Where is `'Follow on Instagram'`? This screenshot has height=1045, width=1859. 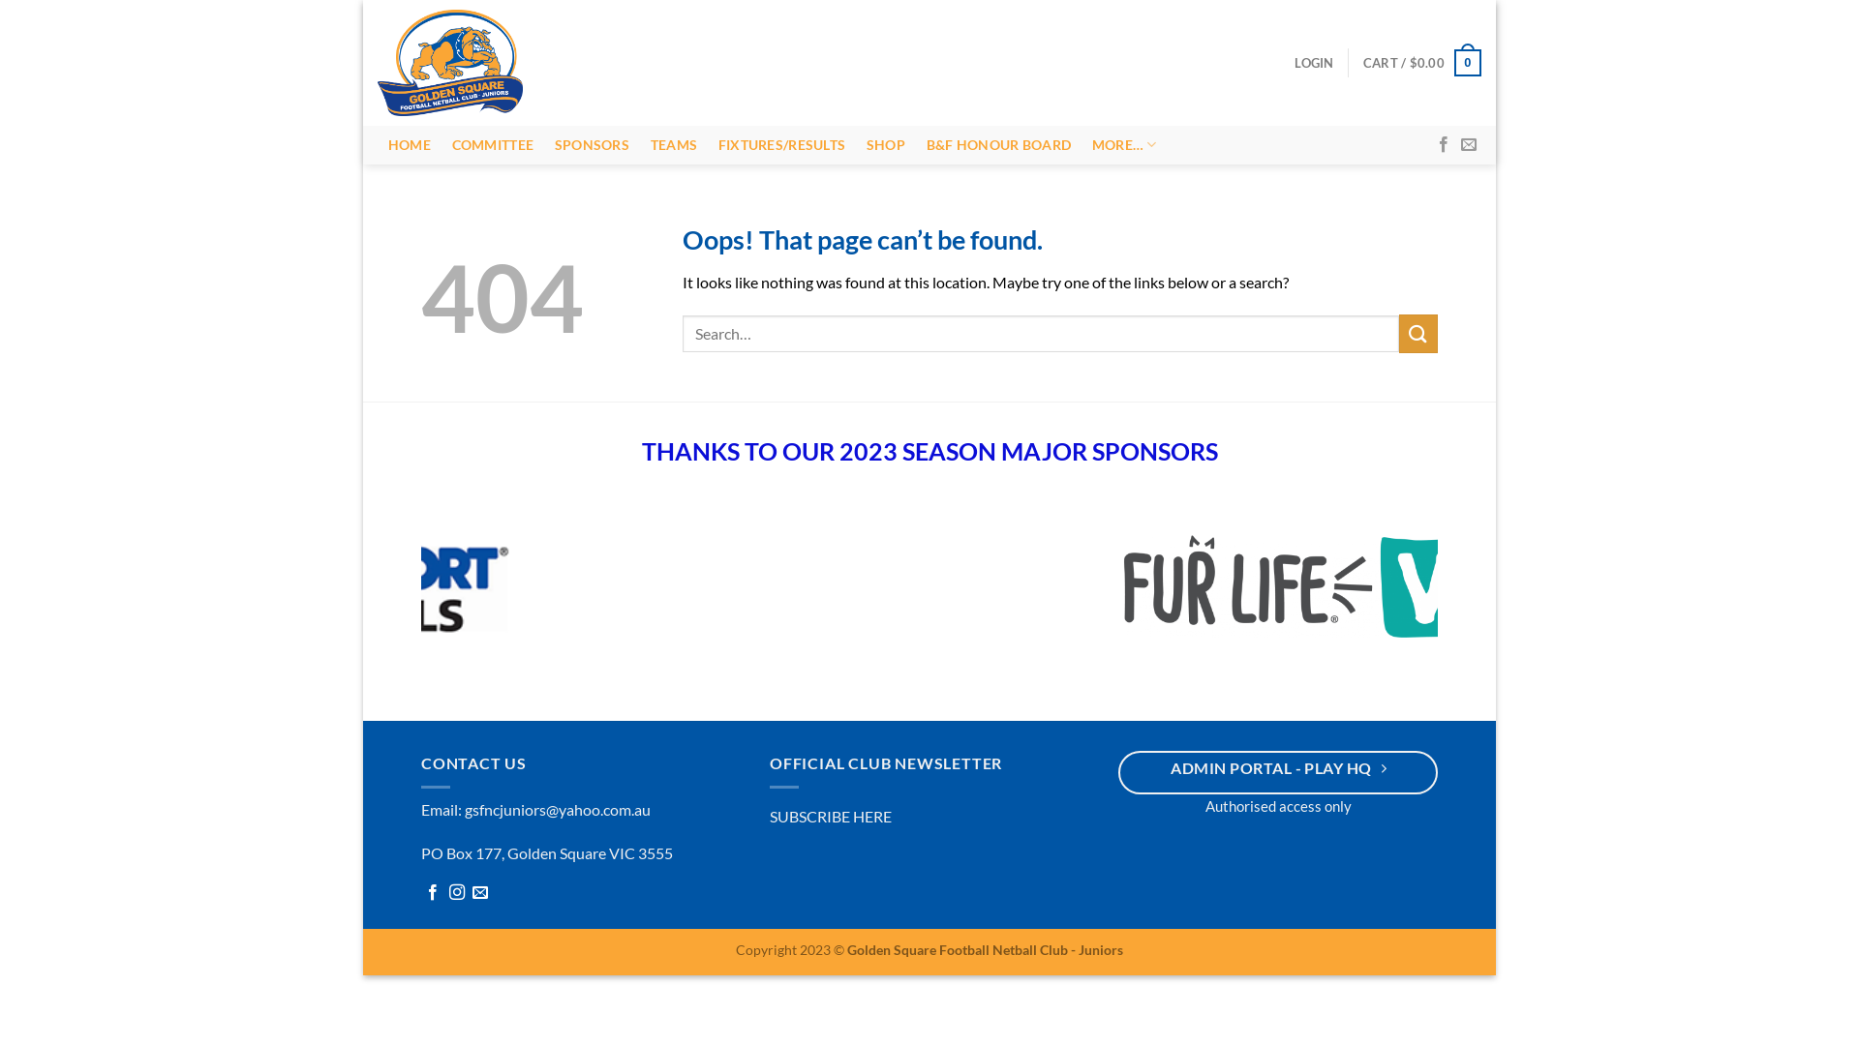 'Follow on Instagram' is located at coordinates (455, 898).